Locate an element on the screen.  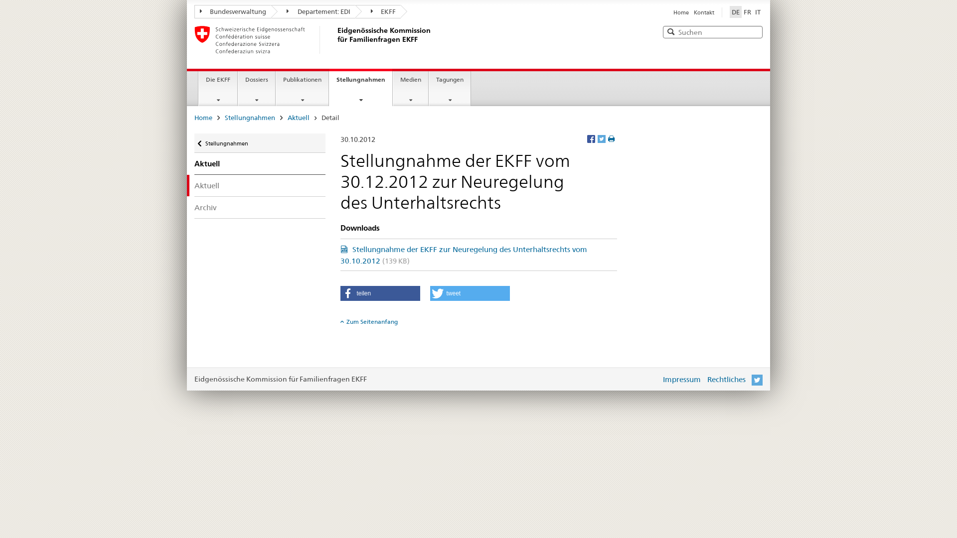
'Die EKFF' is located at coordinates (217, 88).